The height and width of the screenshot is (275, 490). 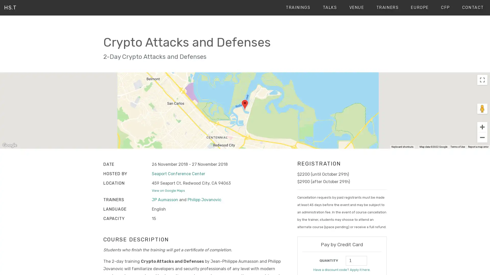 I want to click on Toggle fullscreen view, so click(x=482, y=79).